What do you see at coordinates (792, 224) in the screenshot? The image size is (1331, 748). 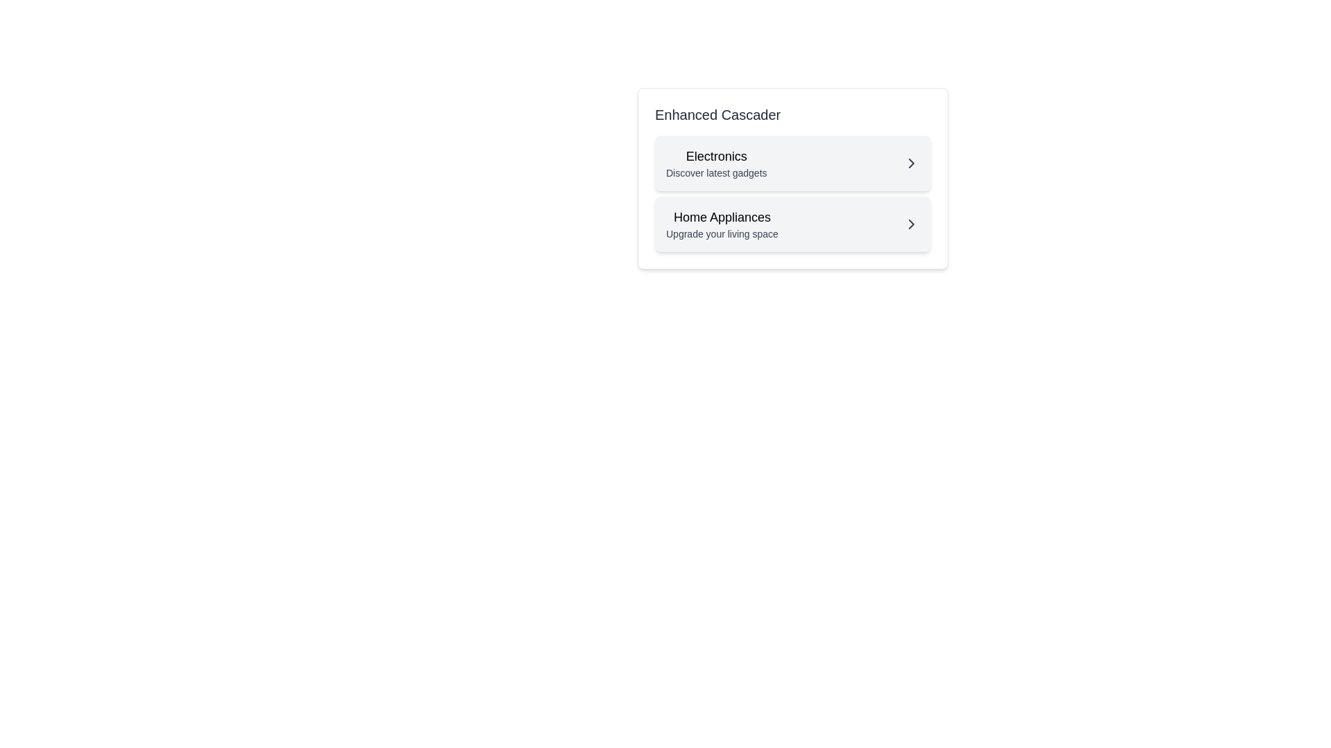 I see `the 'Home Appliances' menu item located centrally below the 'Electronics' block in the 'Enhanced Cascader' section` at bounding box center [792, 224].